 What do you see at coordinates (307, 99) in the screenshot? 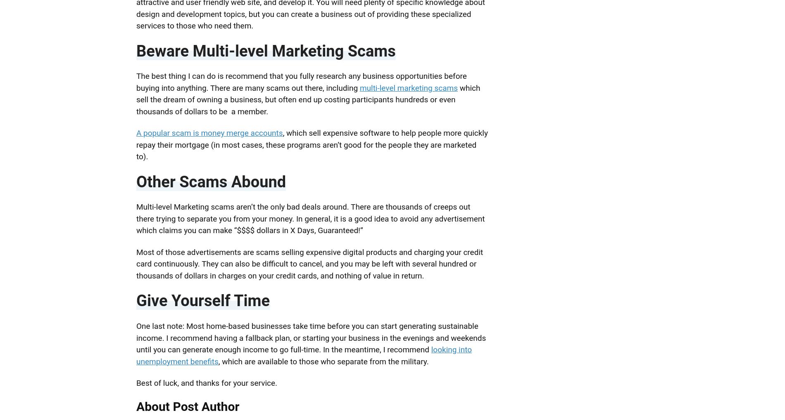
I see `'which sell the dream of owning a business, but often end up costing participants hundreds or even thousands of dollars to be  a member.'` at bounding box center [307, 99].